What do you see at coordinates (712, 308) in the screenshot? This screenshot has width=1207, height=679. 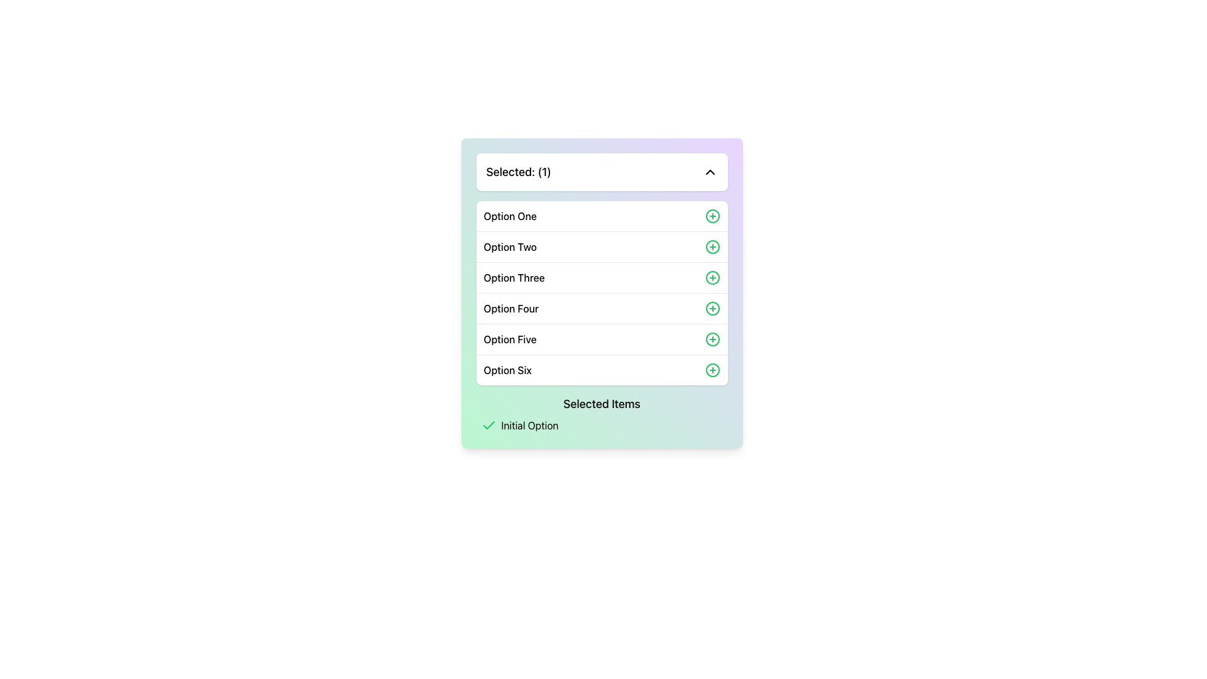 I see `the green circular button with a plus symbol located on the right side of the 'Option Four' row in the dropdown list` at bounding box center [712, 308].